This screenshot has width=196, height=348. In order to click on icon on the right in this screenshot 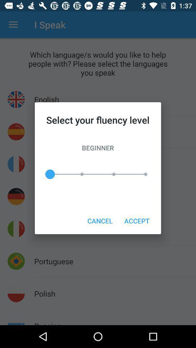, I will do `click(137, 220)`.